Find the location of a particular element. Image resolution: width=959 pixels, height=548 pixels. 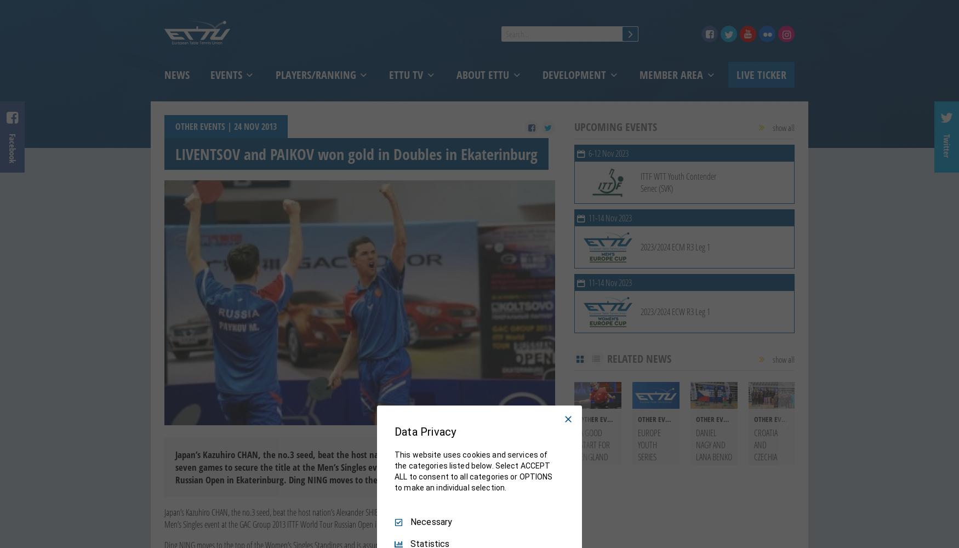

'Upcoming Events' is located at coordinates (573, 126).